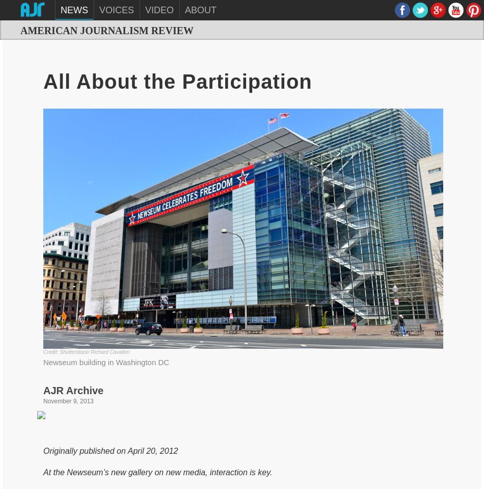 The width and height of the screenshot is (484, 489). Describe the element at coordinates (43, 400) in the screenshot. I see `'November 9, 2013'` at that location.